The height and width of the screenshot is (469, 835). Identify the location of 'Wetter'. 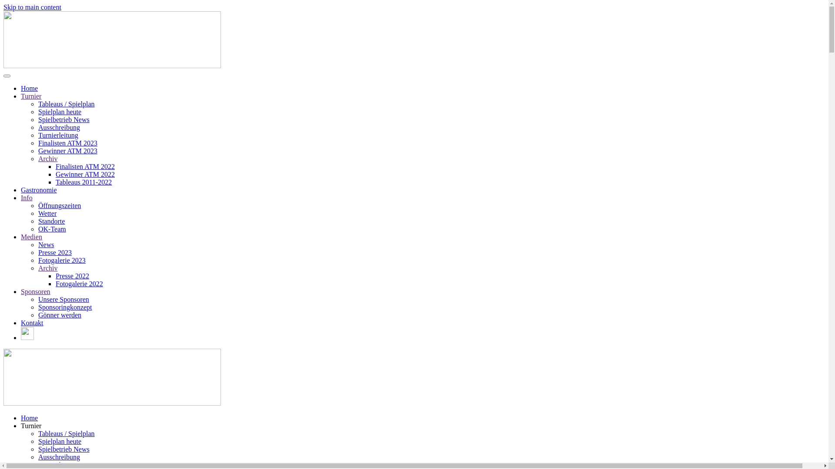
(37, 213).